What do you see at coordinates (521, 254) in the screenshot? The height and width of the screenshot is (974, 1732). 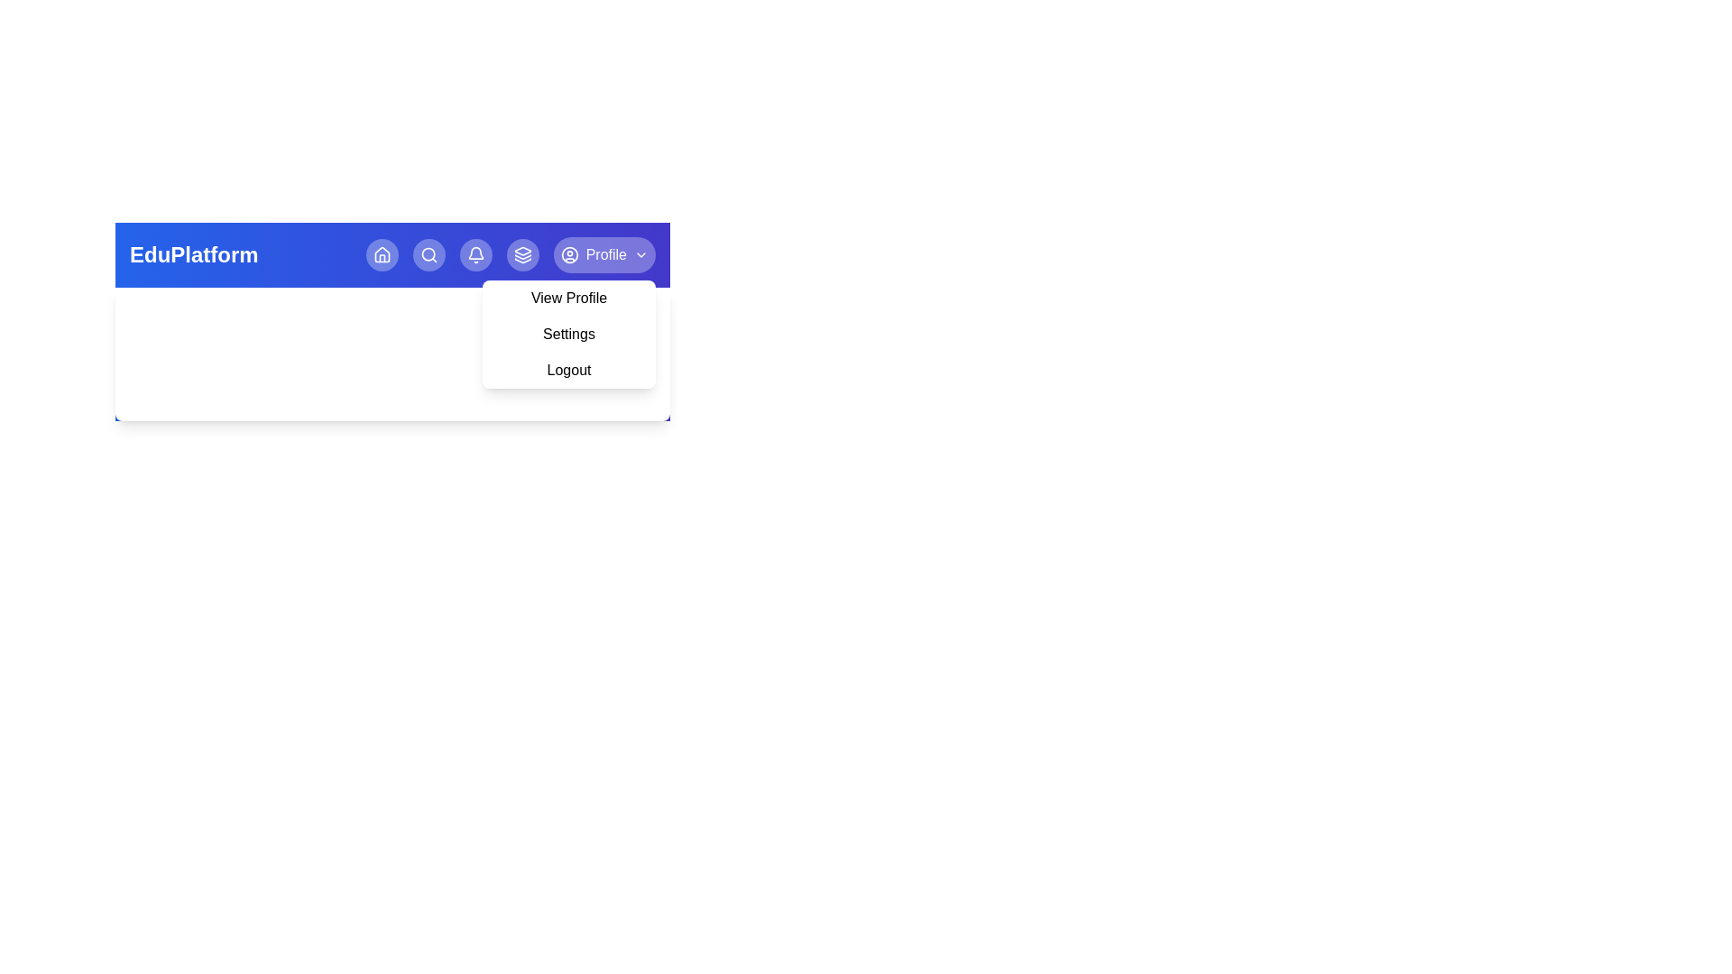 I see `the Layers navigation button in the header` at bounding box center [521, 254].